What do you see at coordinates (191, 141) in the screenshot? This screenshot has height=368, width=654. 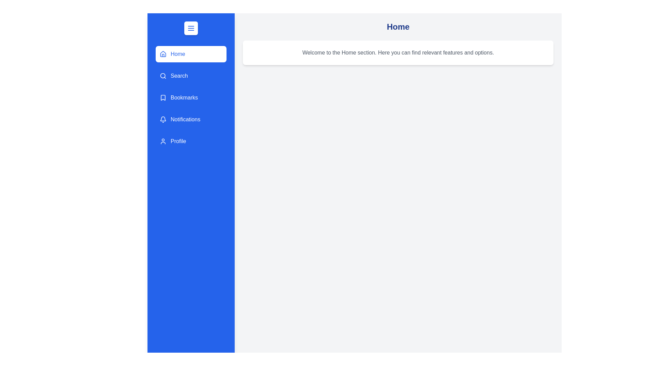 I see `the menu item Profile to see the hover effect` at bounding box center [191, 141].